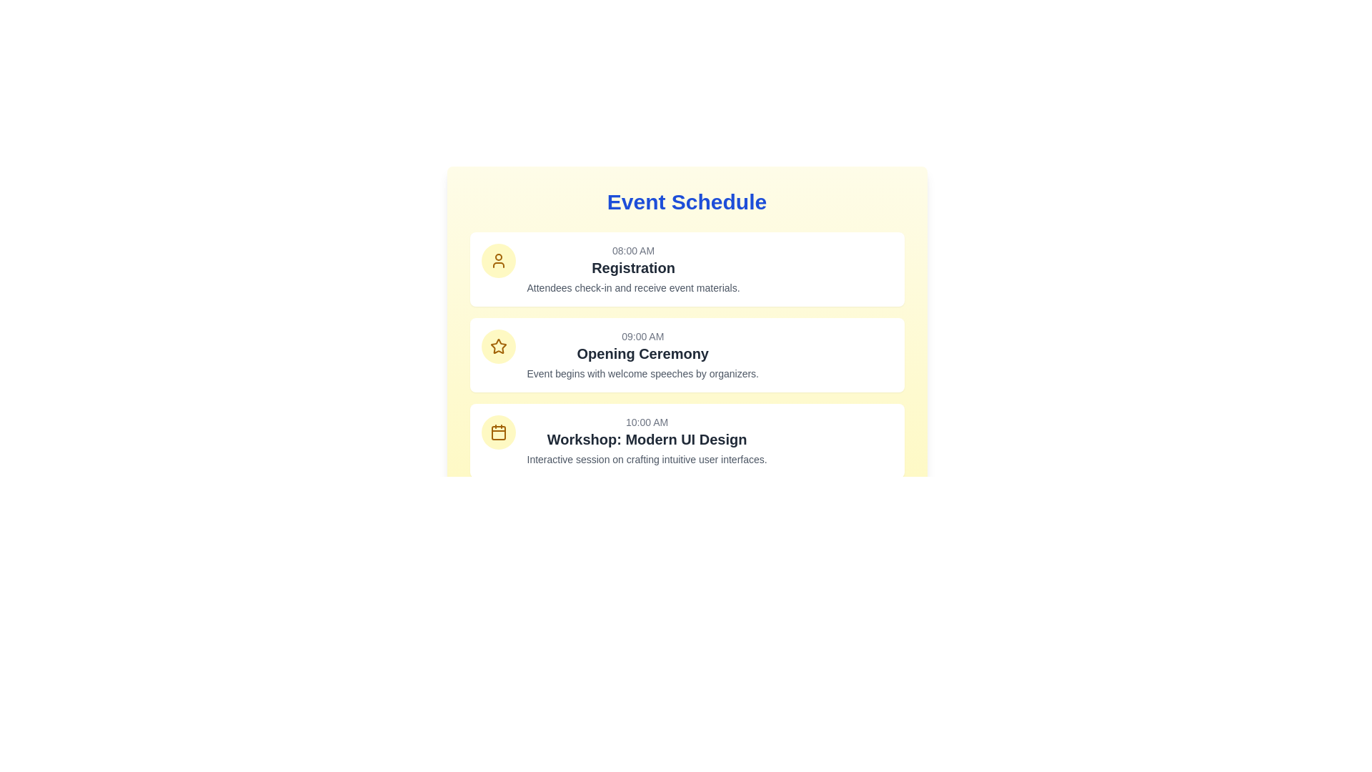  I want to click on the static text element displaying 'Workshop: Modern UI Design', which is styled in bold, large font and positioned between '10:00 AM' and the description text in the Event Schedule, so click(646, 438).